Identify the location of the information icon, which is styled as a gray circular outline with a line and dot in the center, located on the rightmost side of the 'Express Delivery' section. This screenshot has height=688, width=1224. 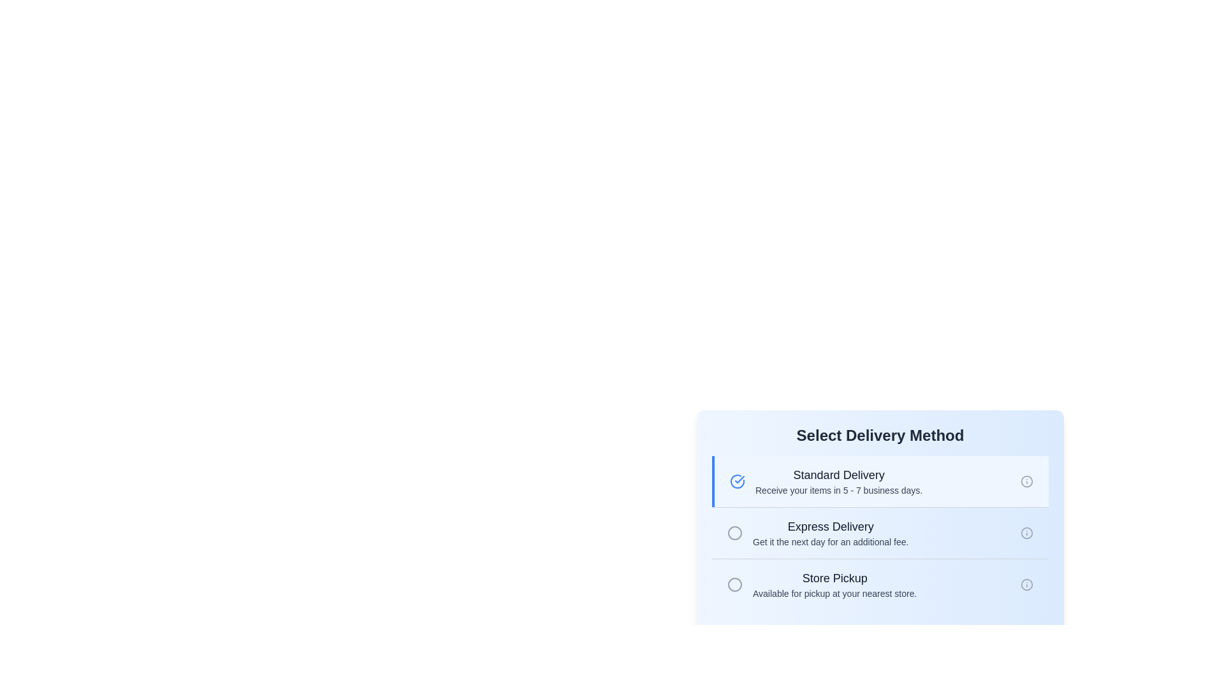
(1027, 533).